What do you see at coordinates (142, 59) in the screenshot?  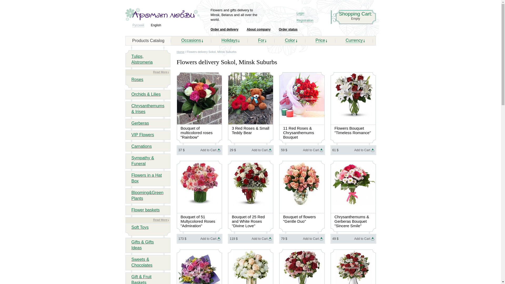 I see `'Tulips, Alstromeria'` at bounding box center [142, 59].